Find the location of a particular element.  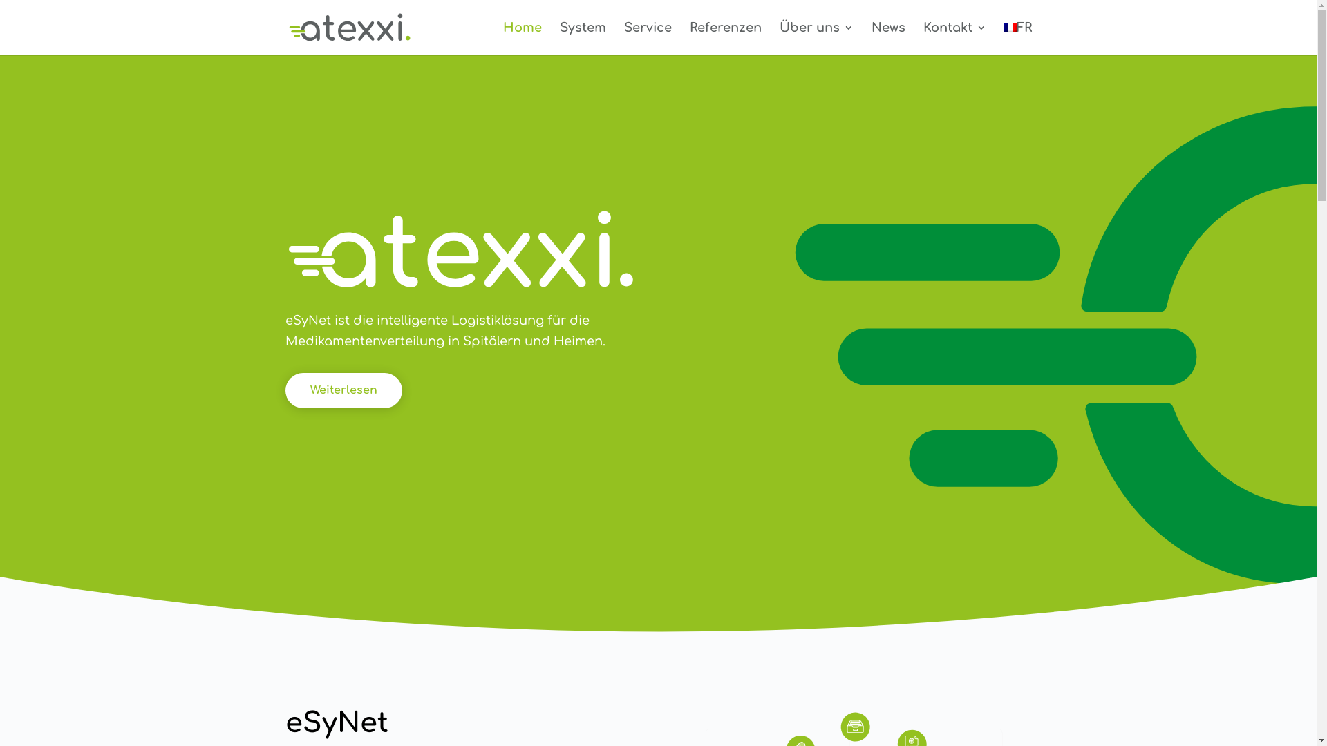

'Home' is located at coordinates (502, 38).